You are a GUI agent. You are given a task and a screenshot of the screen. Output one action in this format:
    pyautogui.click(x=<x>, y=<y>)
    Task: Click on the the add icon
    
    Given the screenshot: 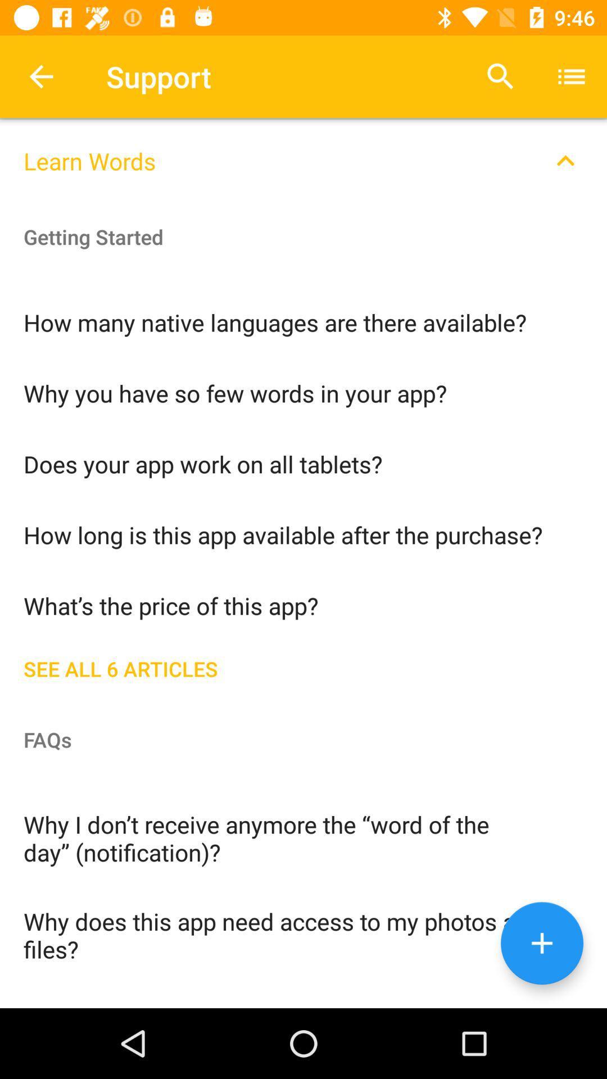 What is the action you would take?
    pyautogui.click(x=541, y=943)
    